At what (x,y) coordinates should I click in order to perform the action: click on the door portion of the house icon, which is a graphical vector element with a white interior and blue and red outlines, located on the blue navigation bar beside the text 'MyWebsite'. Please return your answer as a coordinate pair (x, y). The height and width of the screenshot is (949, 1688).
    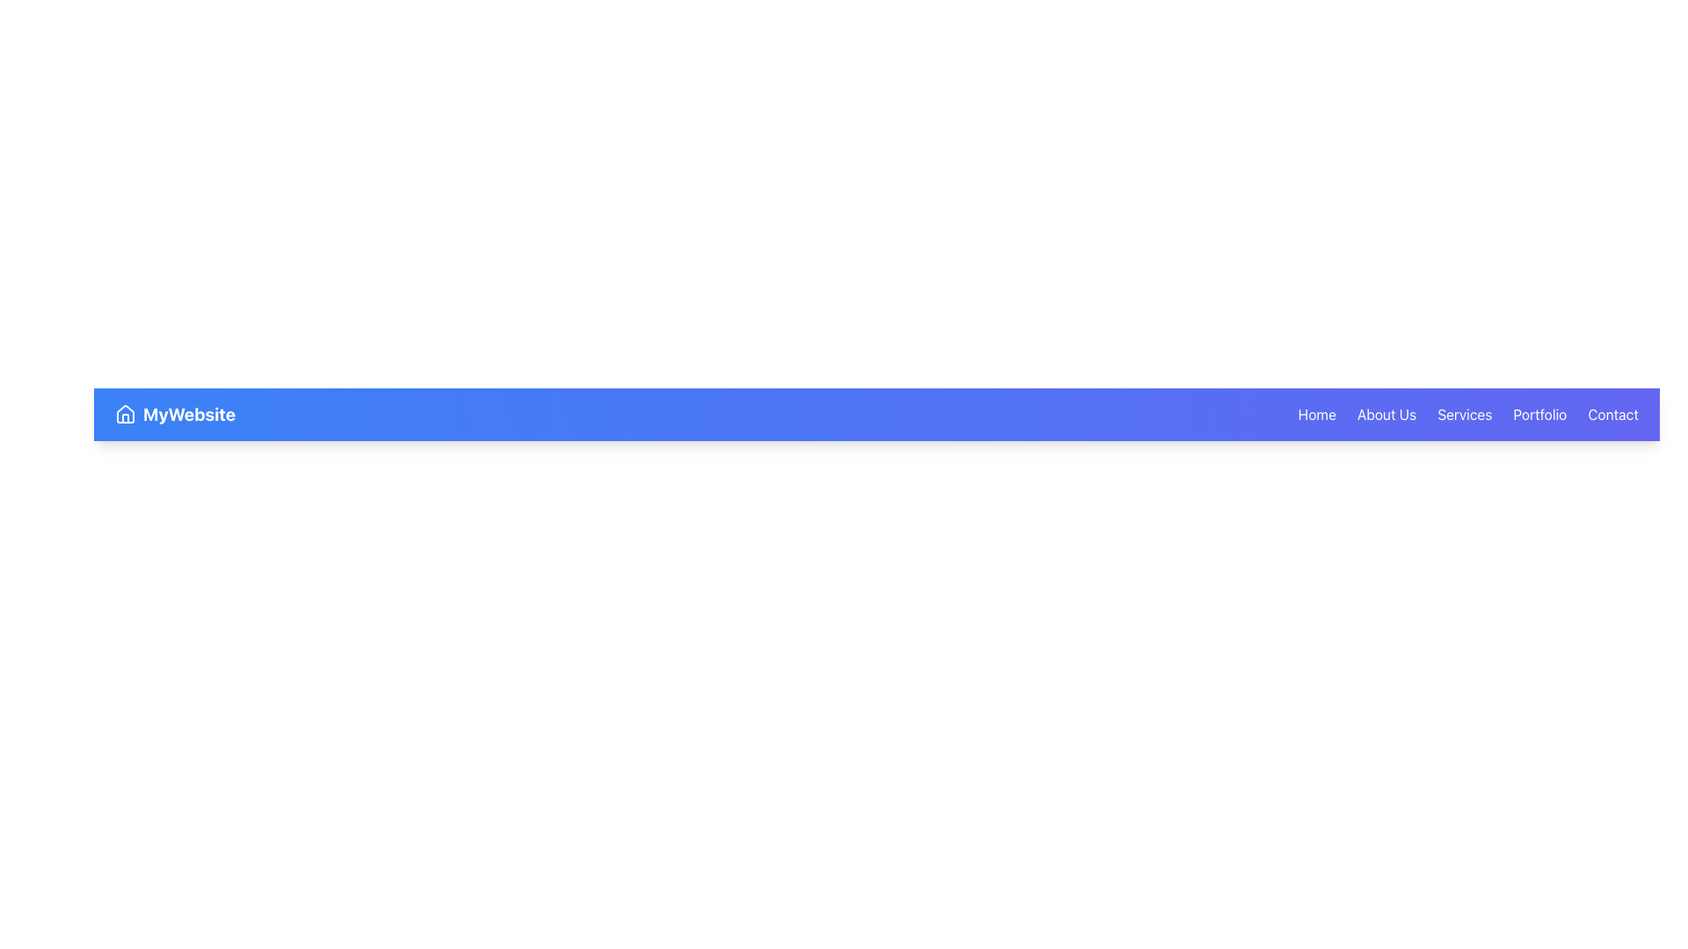
    Looking at the image, I should click on (125, 418).